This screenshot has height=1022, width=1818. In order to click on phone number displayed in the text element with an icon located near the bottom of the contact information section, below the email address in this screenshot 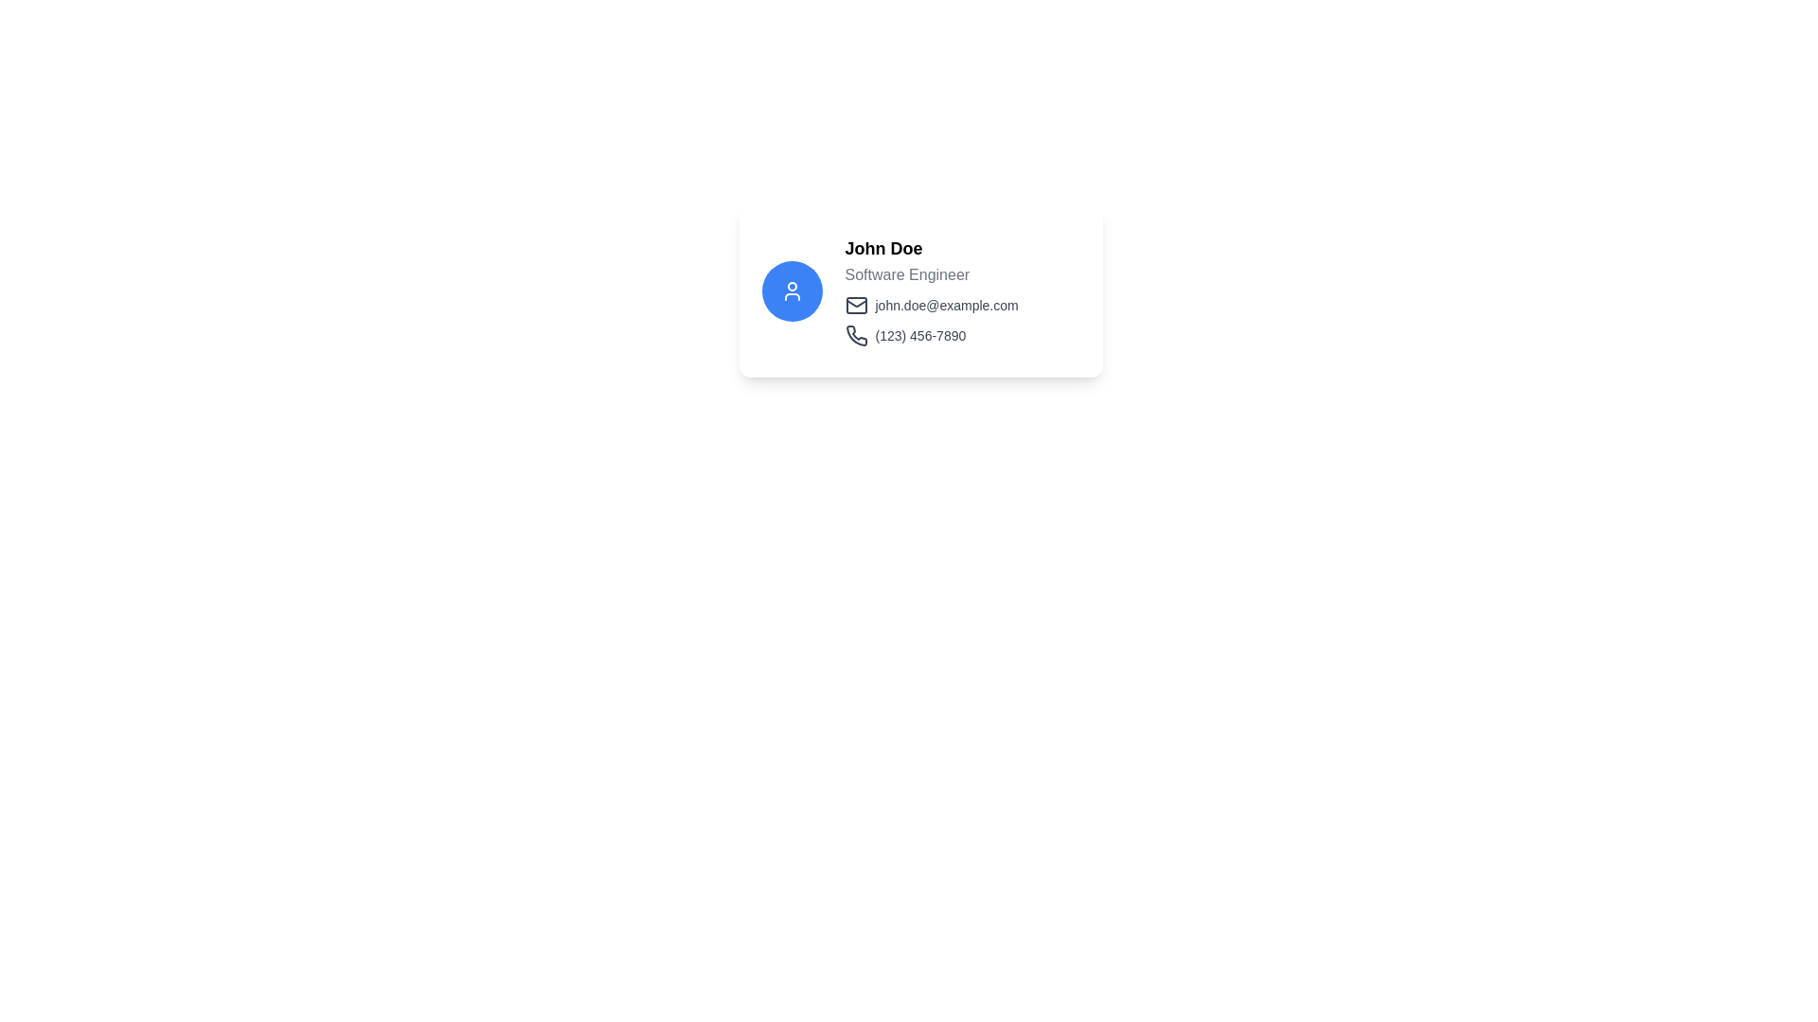, I will do `click(931, 334)`.